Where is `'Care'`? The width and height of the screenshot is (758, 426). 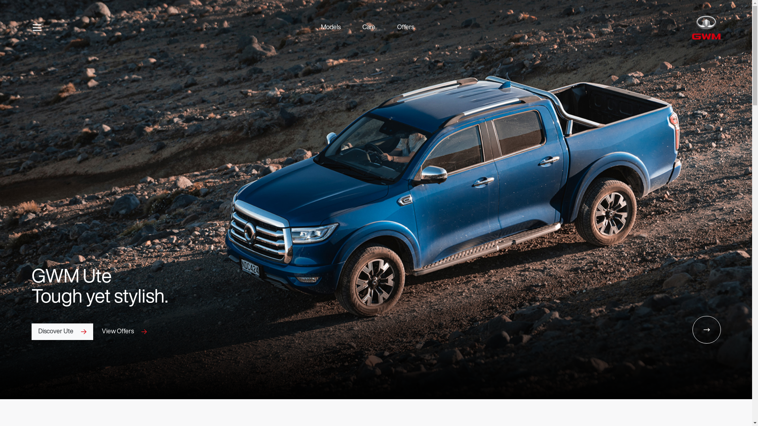
'Care' is located at coordinates (368, 27).